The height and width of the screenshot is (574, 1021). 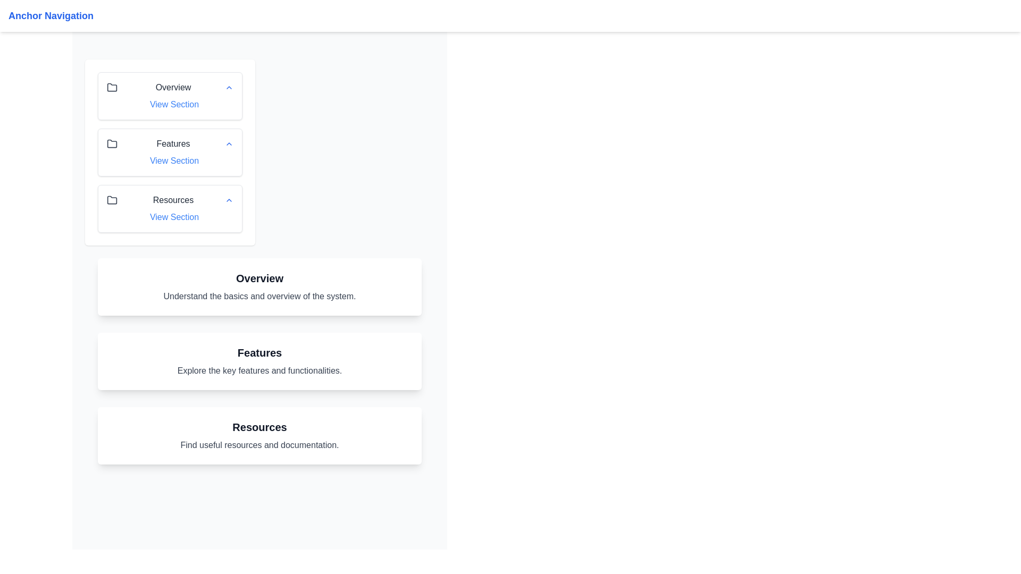 What do you see at coordinates (260, 287) in the screenshot?
I see `the 'Overview' informational card, which includes the title in bold and the description text about understanding the system` at bounding box center [260, 287].